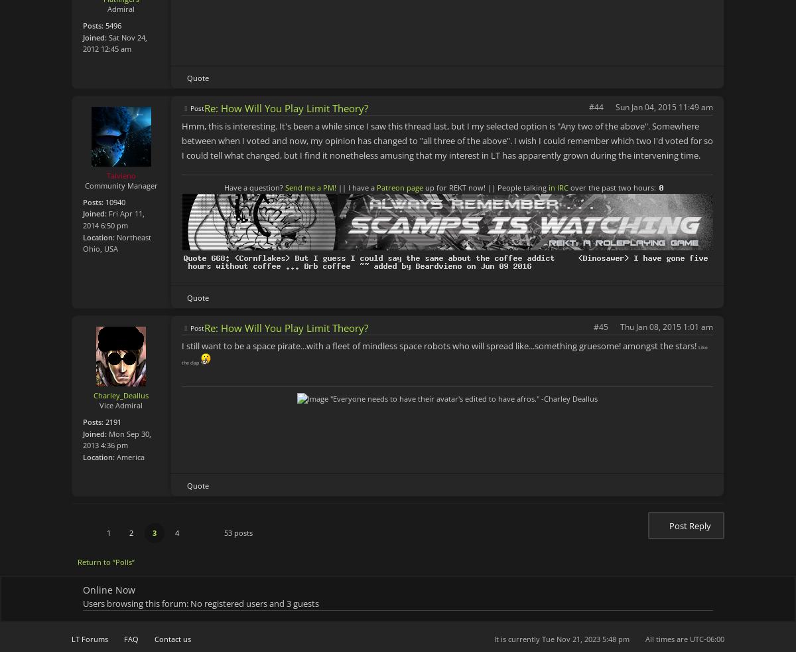 This screenshot has height=652, width=796. Describe the element at coordinates (667, 639) in the screenshot. I see `'All times are'` at that location.